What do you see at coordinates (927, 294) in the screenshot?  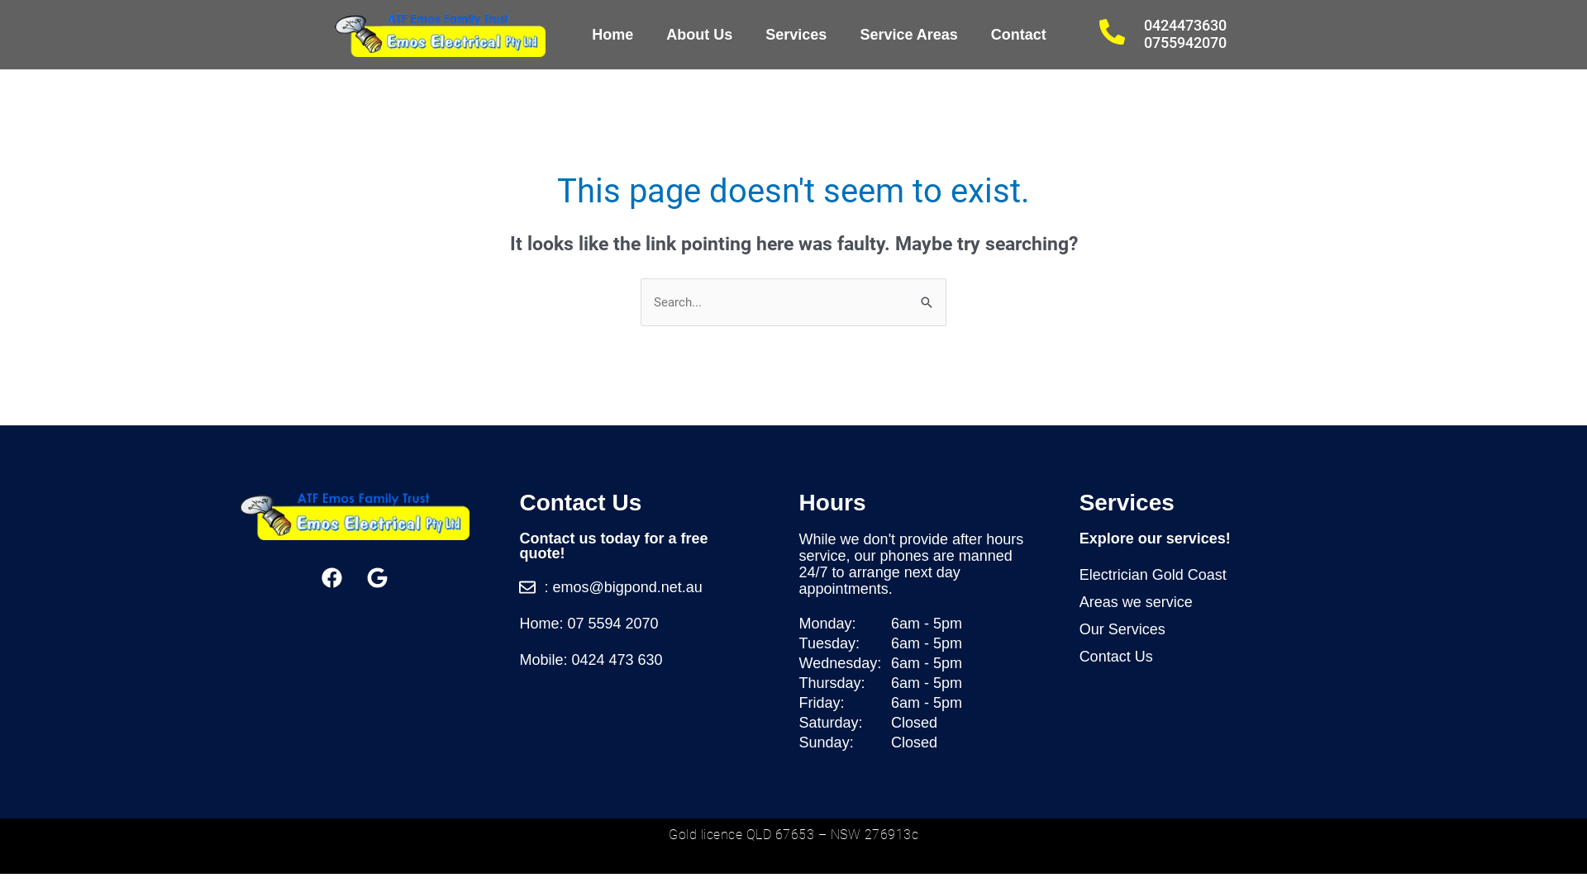 I see `'Search'` at bounding box center [927, 294].